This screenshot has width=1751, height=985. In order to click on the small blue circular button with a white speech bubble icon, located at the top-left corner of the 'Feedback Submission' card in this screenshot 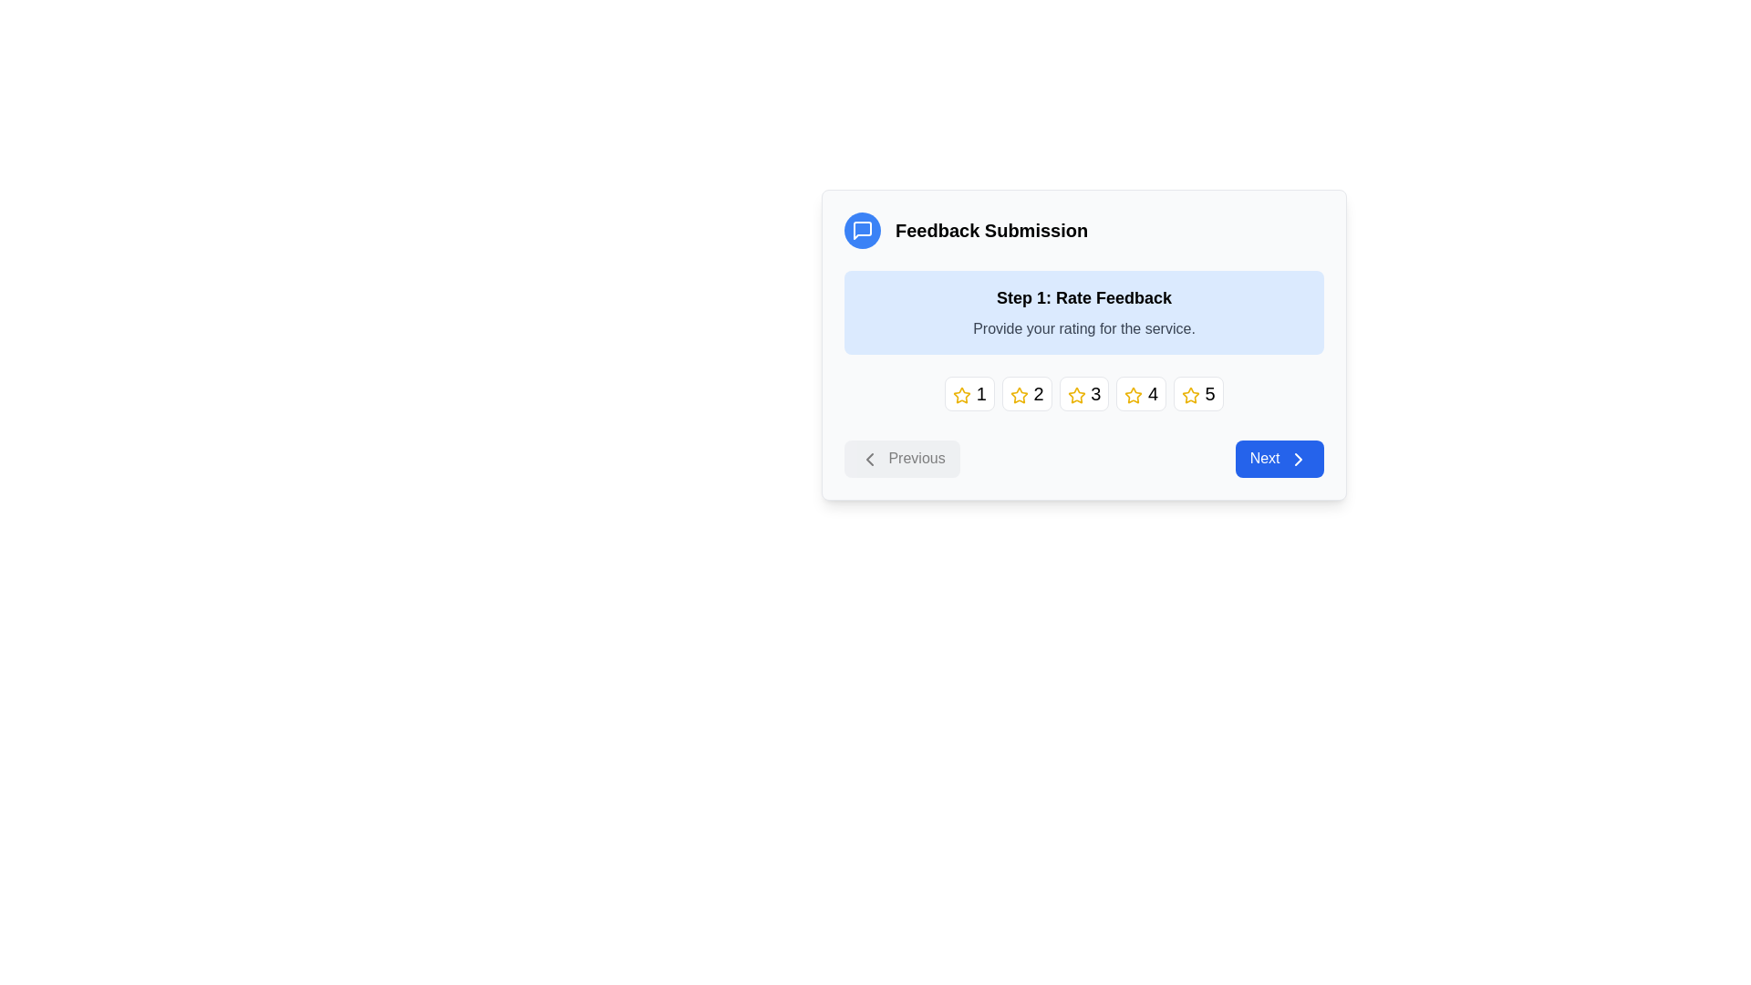, I will do `click(861, 230)`.